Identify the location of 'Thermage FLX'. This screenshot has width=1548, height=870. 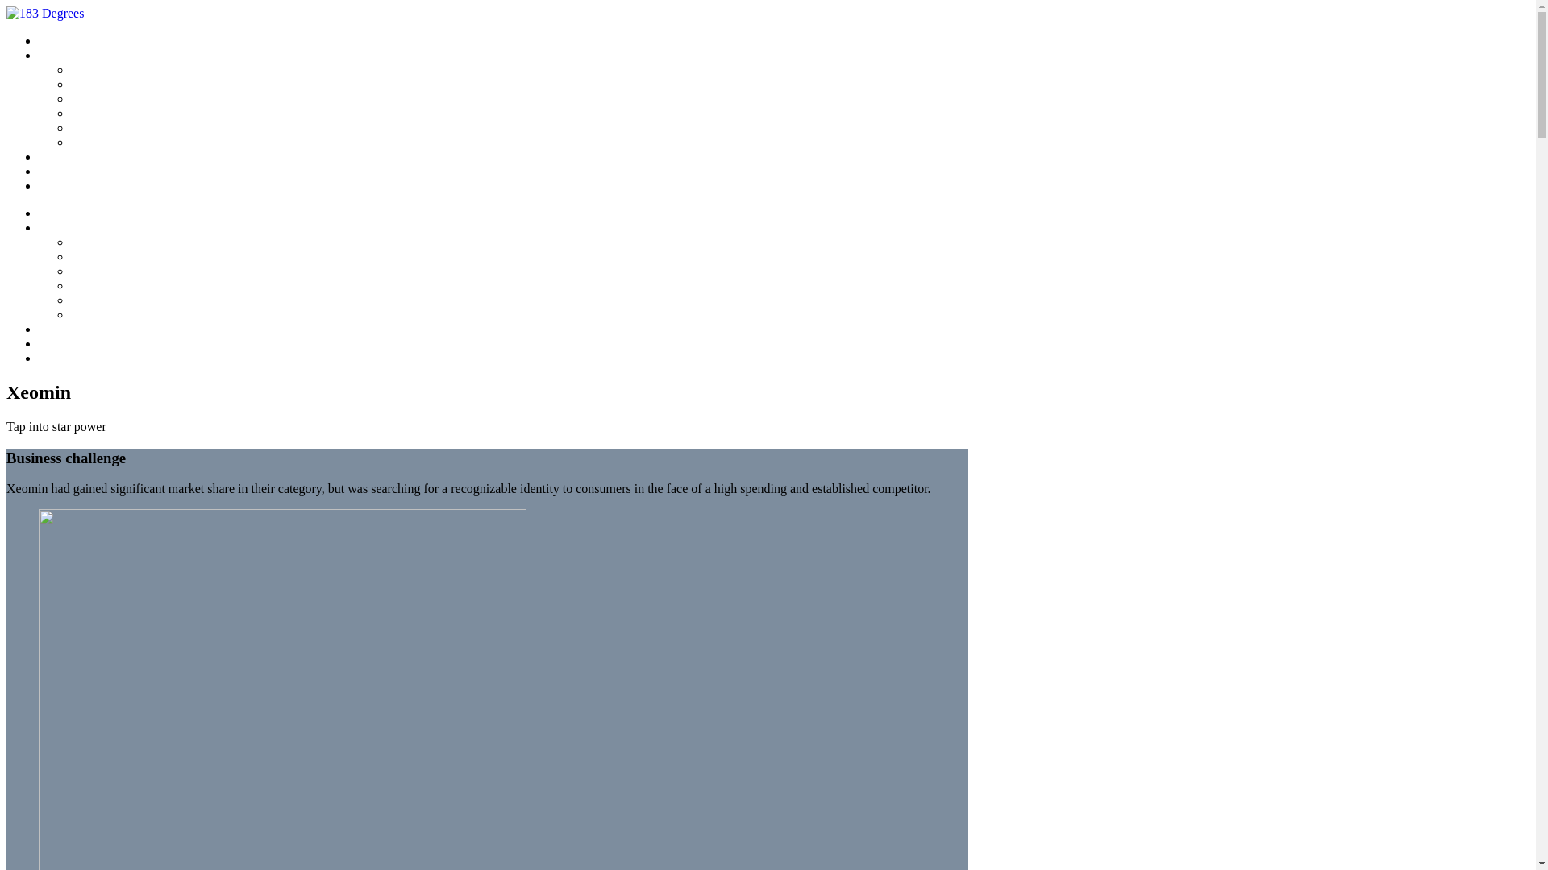
(69, 242).